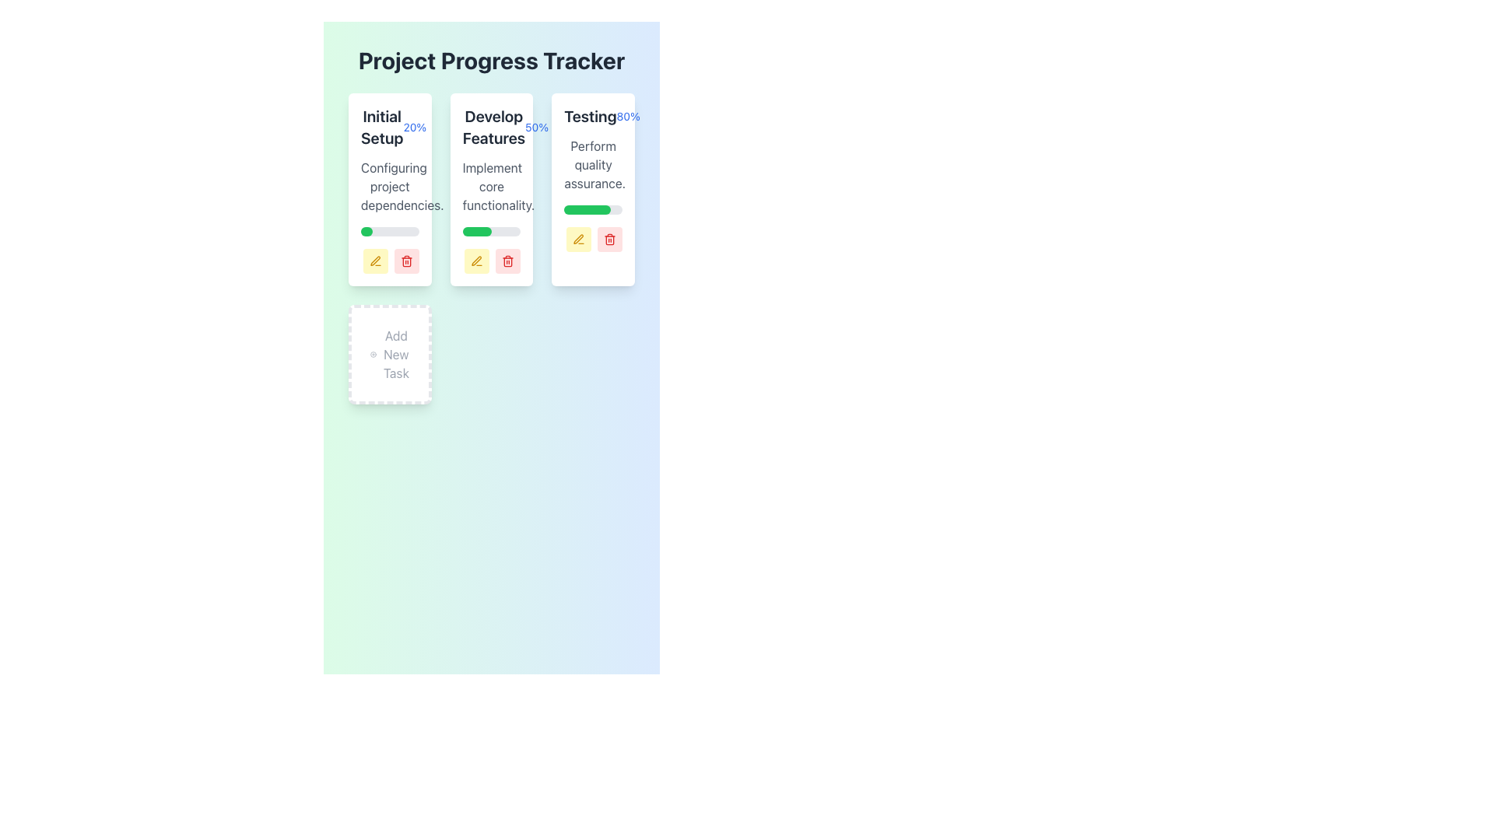 The height and width of the screenshot is (840, 1494). I want to click on the text label displaying the task name 'Testing' and its progress percentage '80%' located at the top-right card of the grid, so click(592, 116).